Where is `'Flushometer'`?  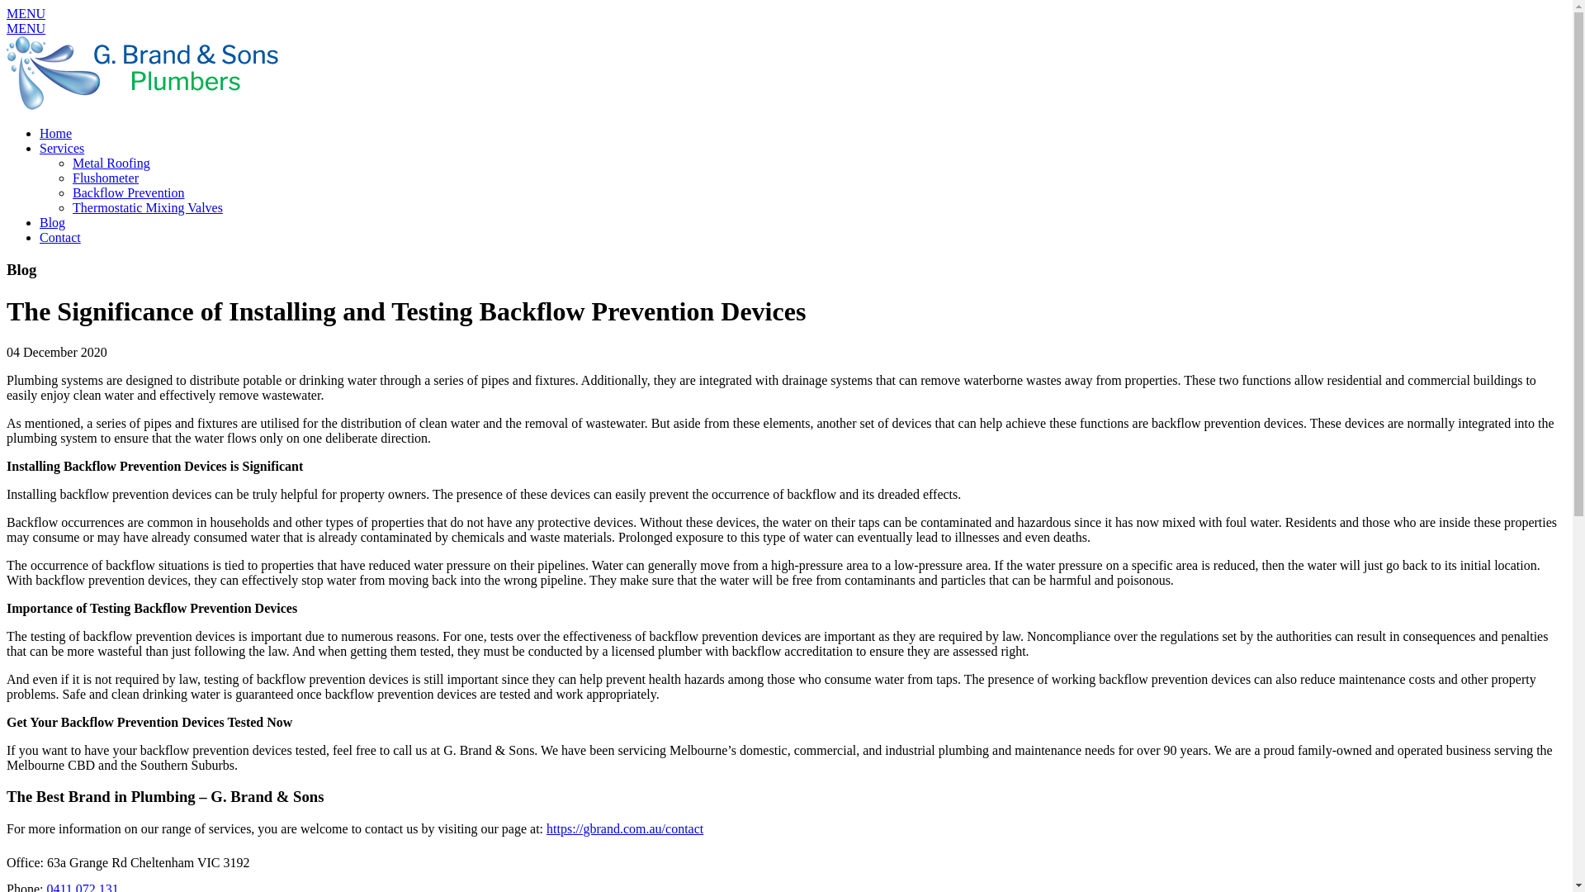
'Flushometer' is located at coordinates (105, 178).